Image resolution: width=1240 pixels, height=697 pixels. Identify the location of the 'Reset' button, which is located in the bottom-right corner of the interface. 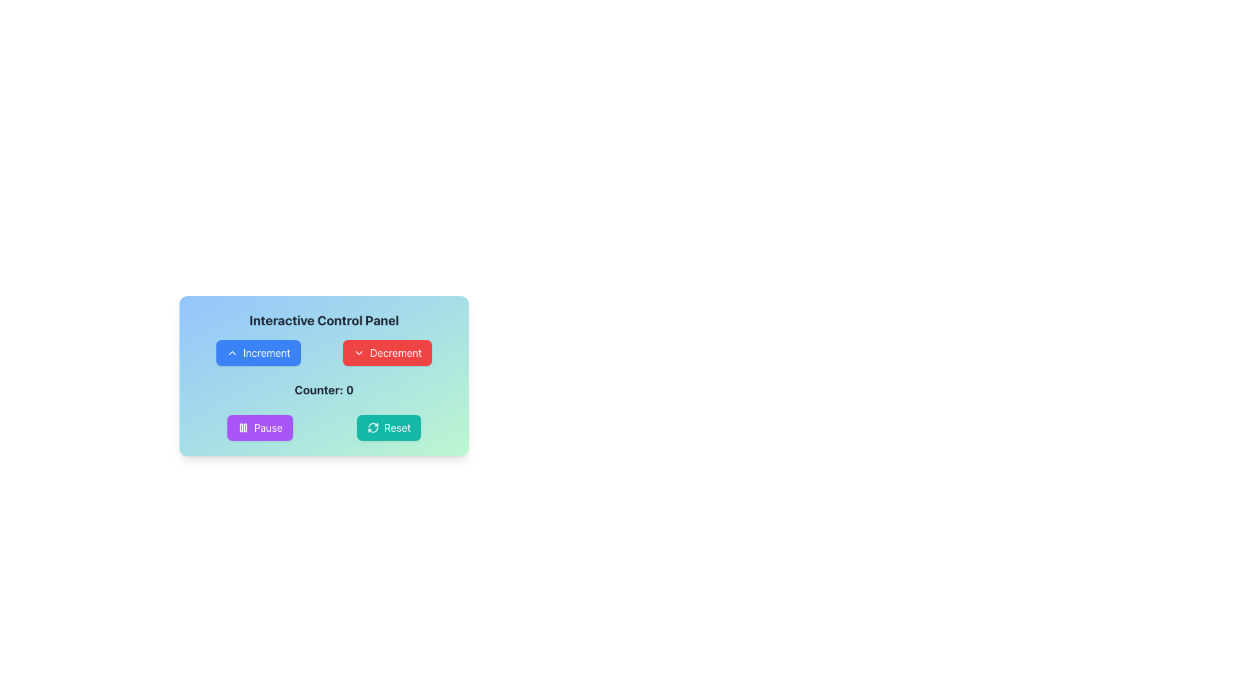
(373, 428).